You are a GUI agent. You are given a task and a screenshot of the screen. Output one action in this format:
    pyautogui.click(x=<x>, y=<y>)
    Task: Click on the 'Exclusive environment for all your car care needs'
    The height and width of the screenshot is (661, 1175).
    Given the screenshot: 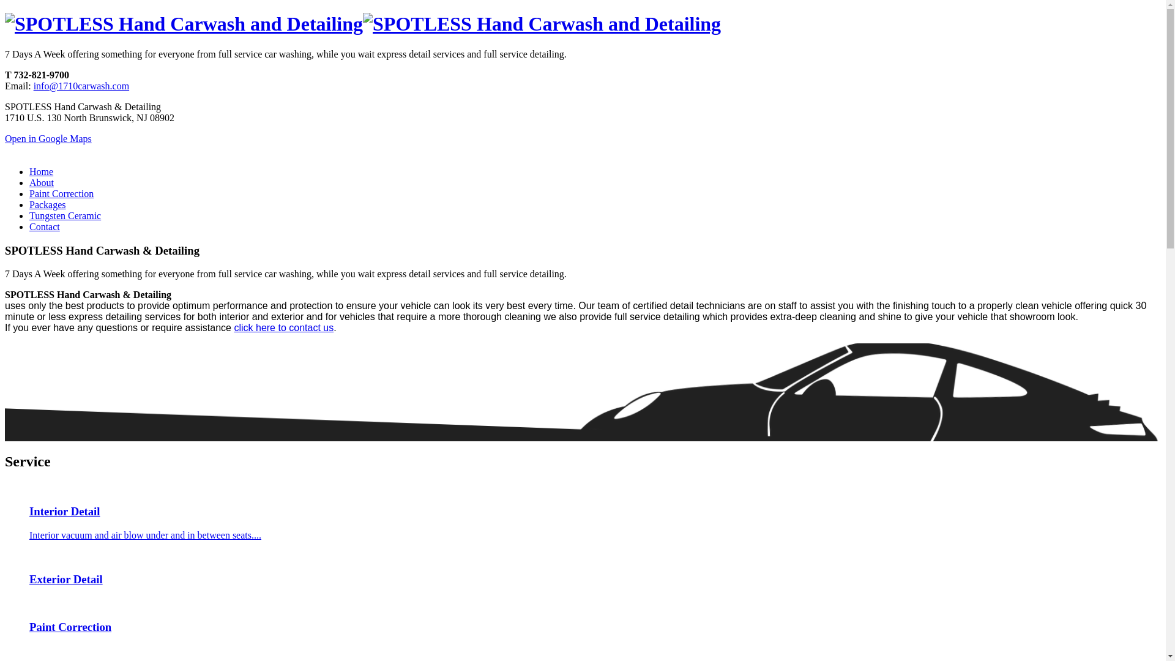 What is the action you would take?
    pyautogui.click(x=541, y=24)
    